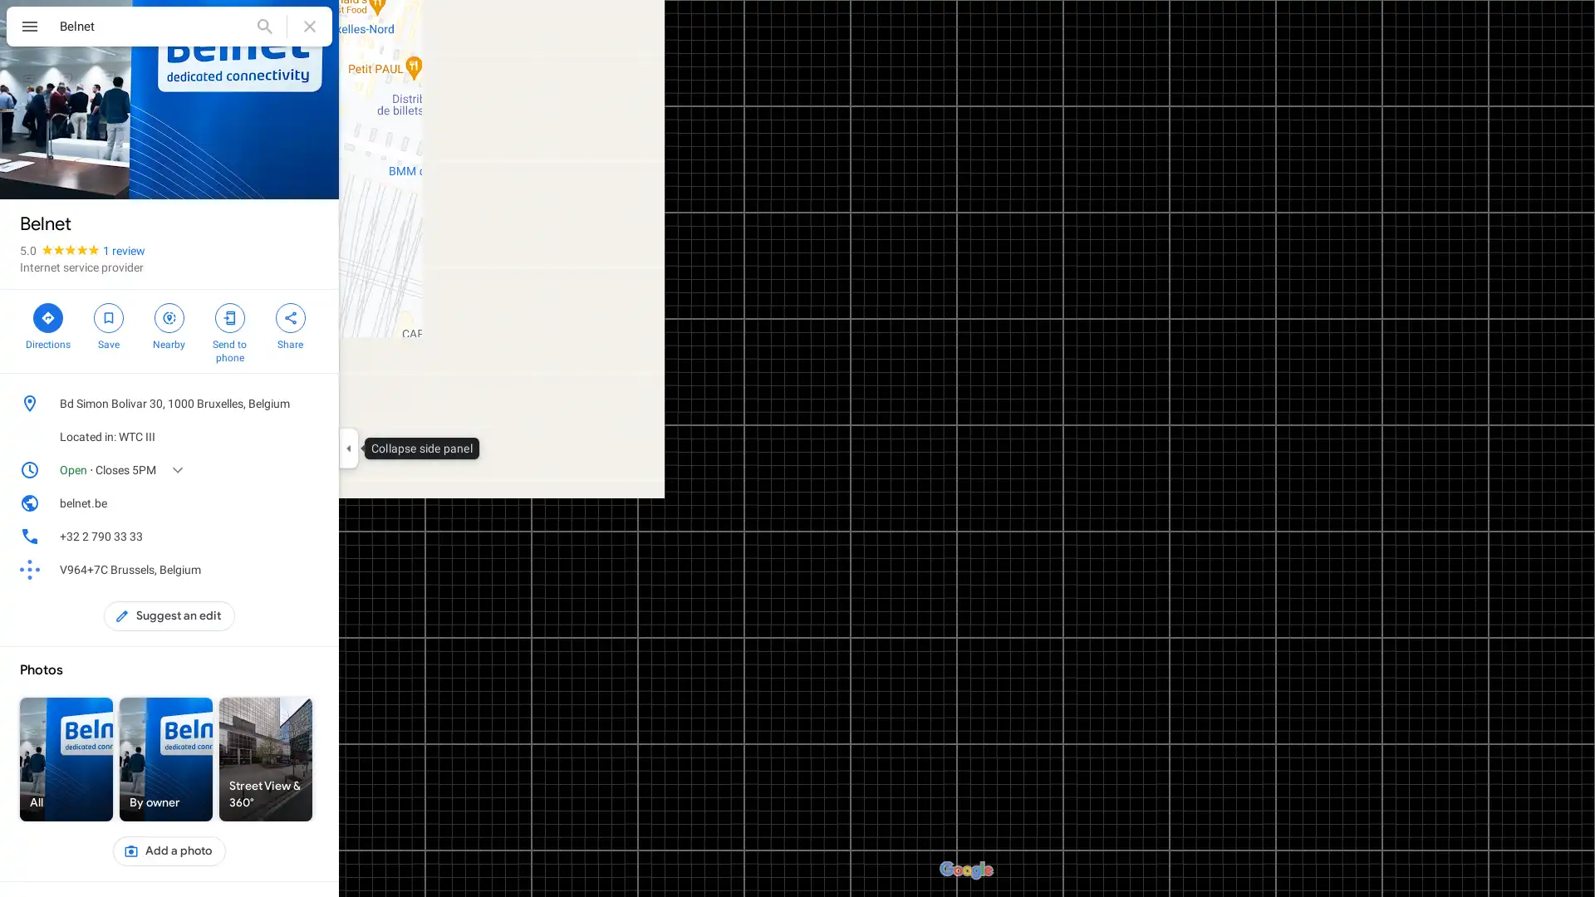 The height and width of the screenshot is (897, 1595). Describe the element at coordinates (347, 448) in the screenshot. I see `Collapse side panel` at that location.